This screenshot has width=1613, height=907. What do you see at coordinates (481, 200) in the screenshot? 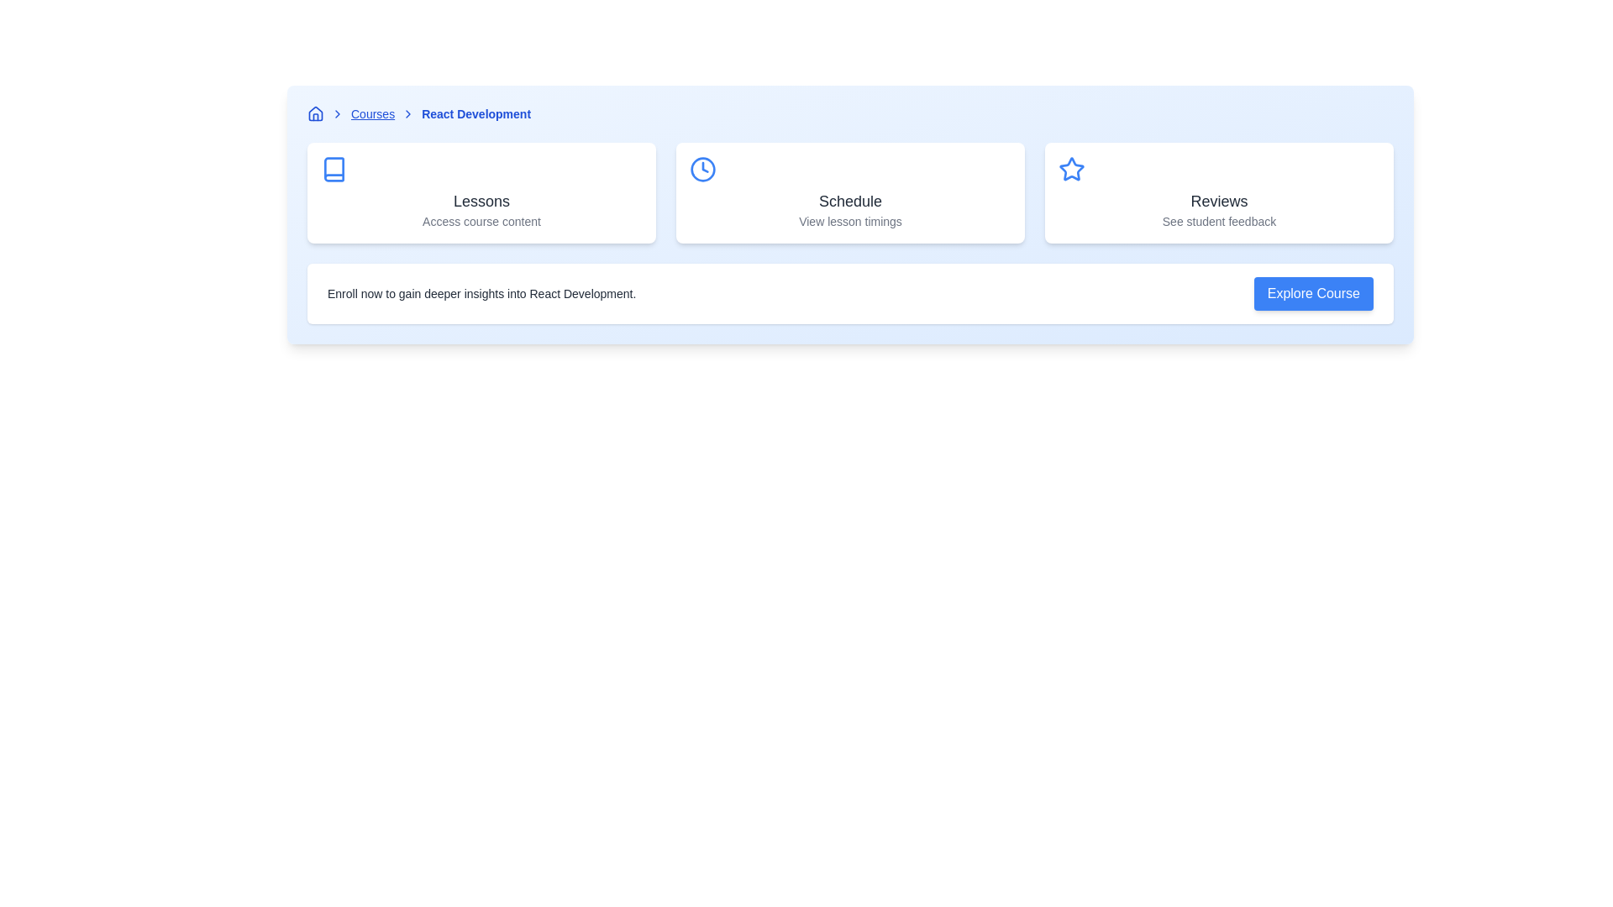
I see `the static text label titled 'Lessons' which indicates the section's purpose within the course content card` at bounding box center [481, 200].